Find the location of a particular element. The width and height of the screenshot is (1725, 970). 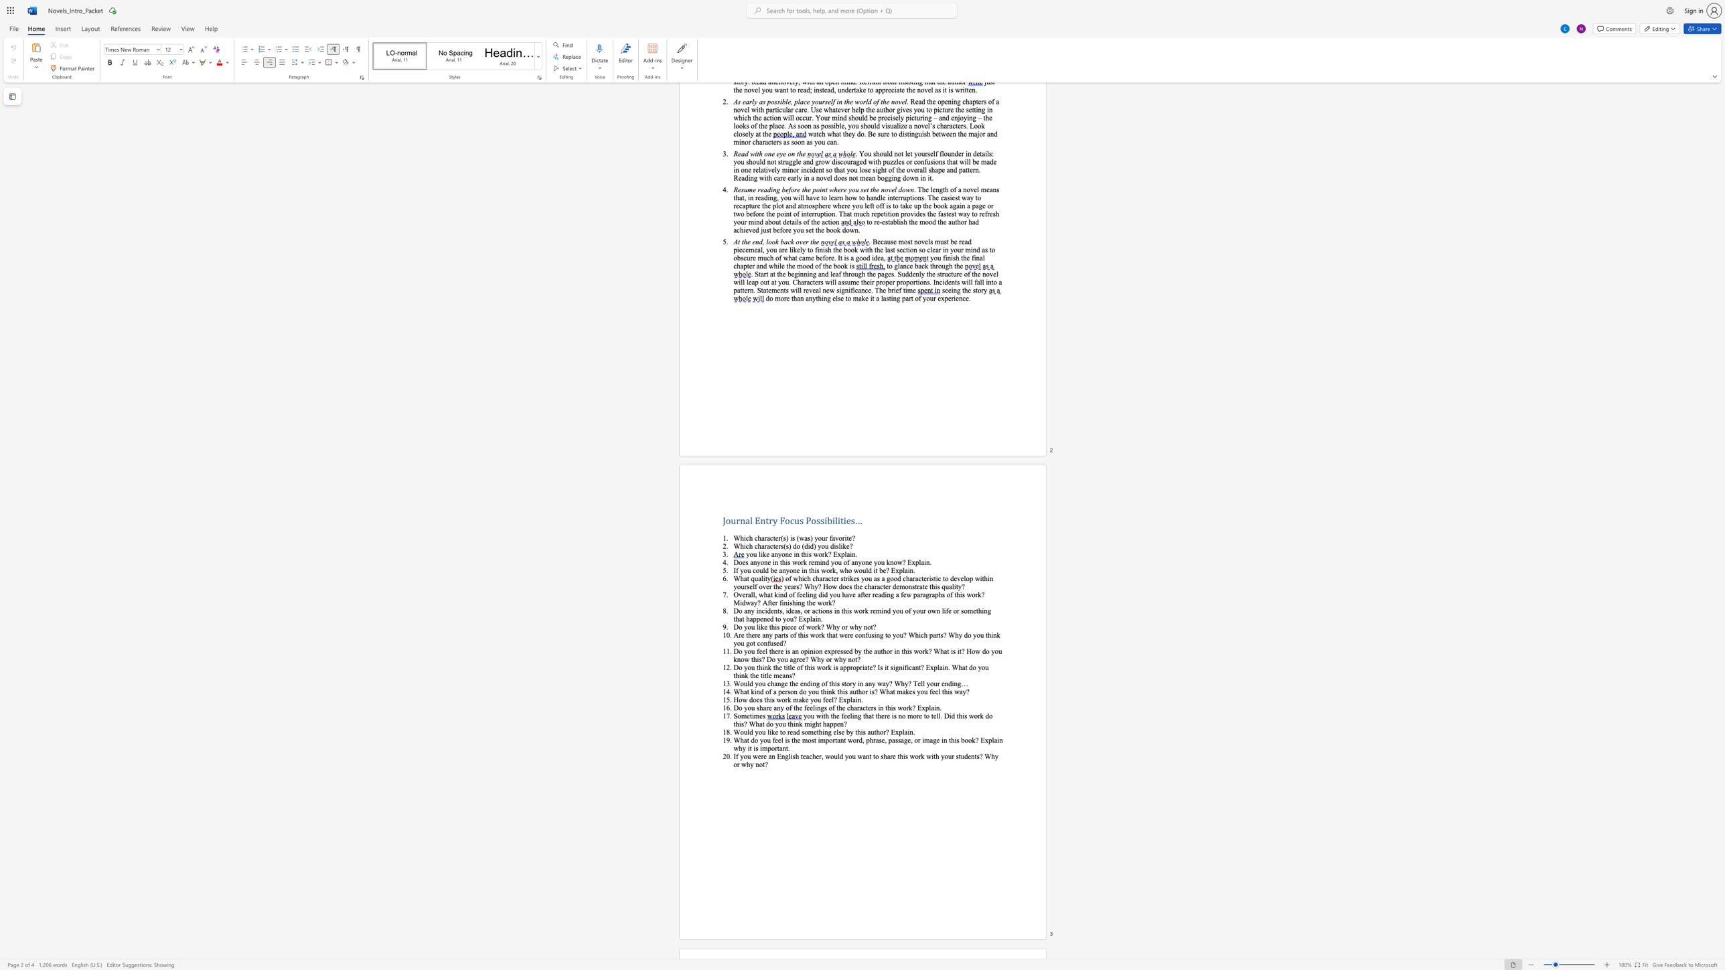

the subset text "o you know this? Do you" within the text "Do you feel there is an opinion expressed by the author in this work? What is it? How do you know this? Do you agree? Why or why not?" is located at coordinates (984, 651).